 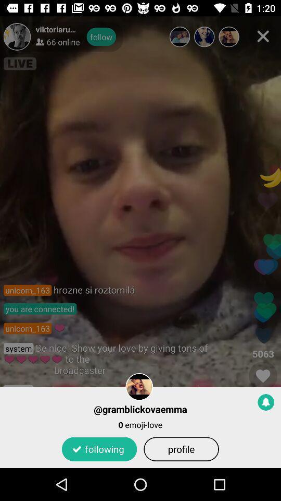 What do you see at coordinates (99, 448) in the screenshot?
I see `the item below 0 emoji-love` at bounding box center [99, 448].